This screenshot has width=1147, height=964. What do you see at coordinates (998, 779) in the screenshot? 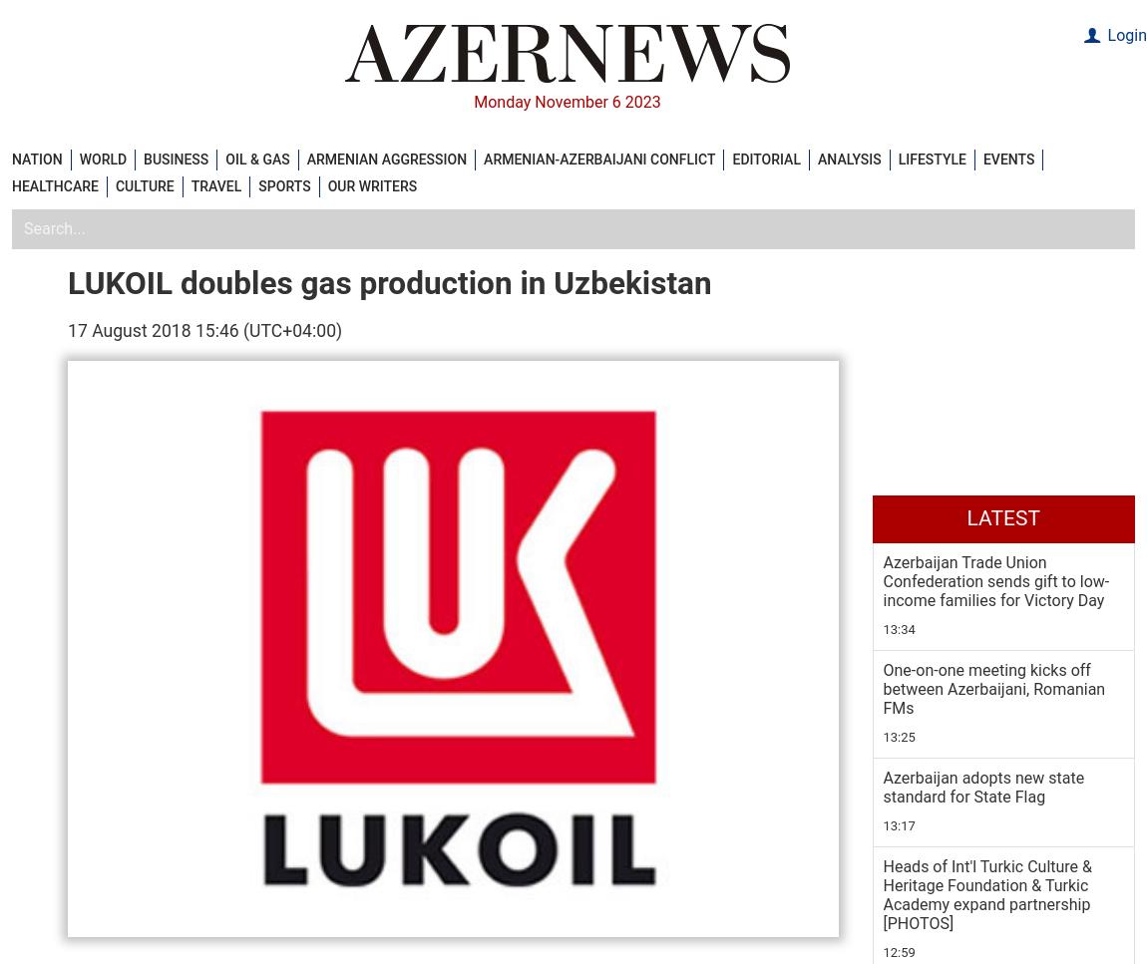
I see `'Afghanistan opium poppy supply plummets 95% after Taliban ban'` at bounding box center [998, 779].